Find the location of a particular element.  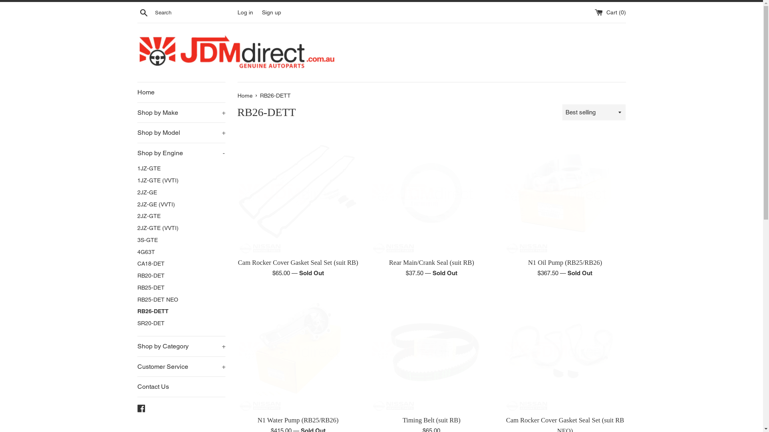

'Timing Belt (suit RB)' is located at coordinates (431, 350).